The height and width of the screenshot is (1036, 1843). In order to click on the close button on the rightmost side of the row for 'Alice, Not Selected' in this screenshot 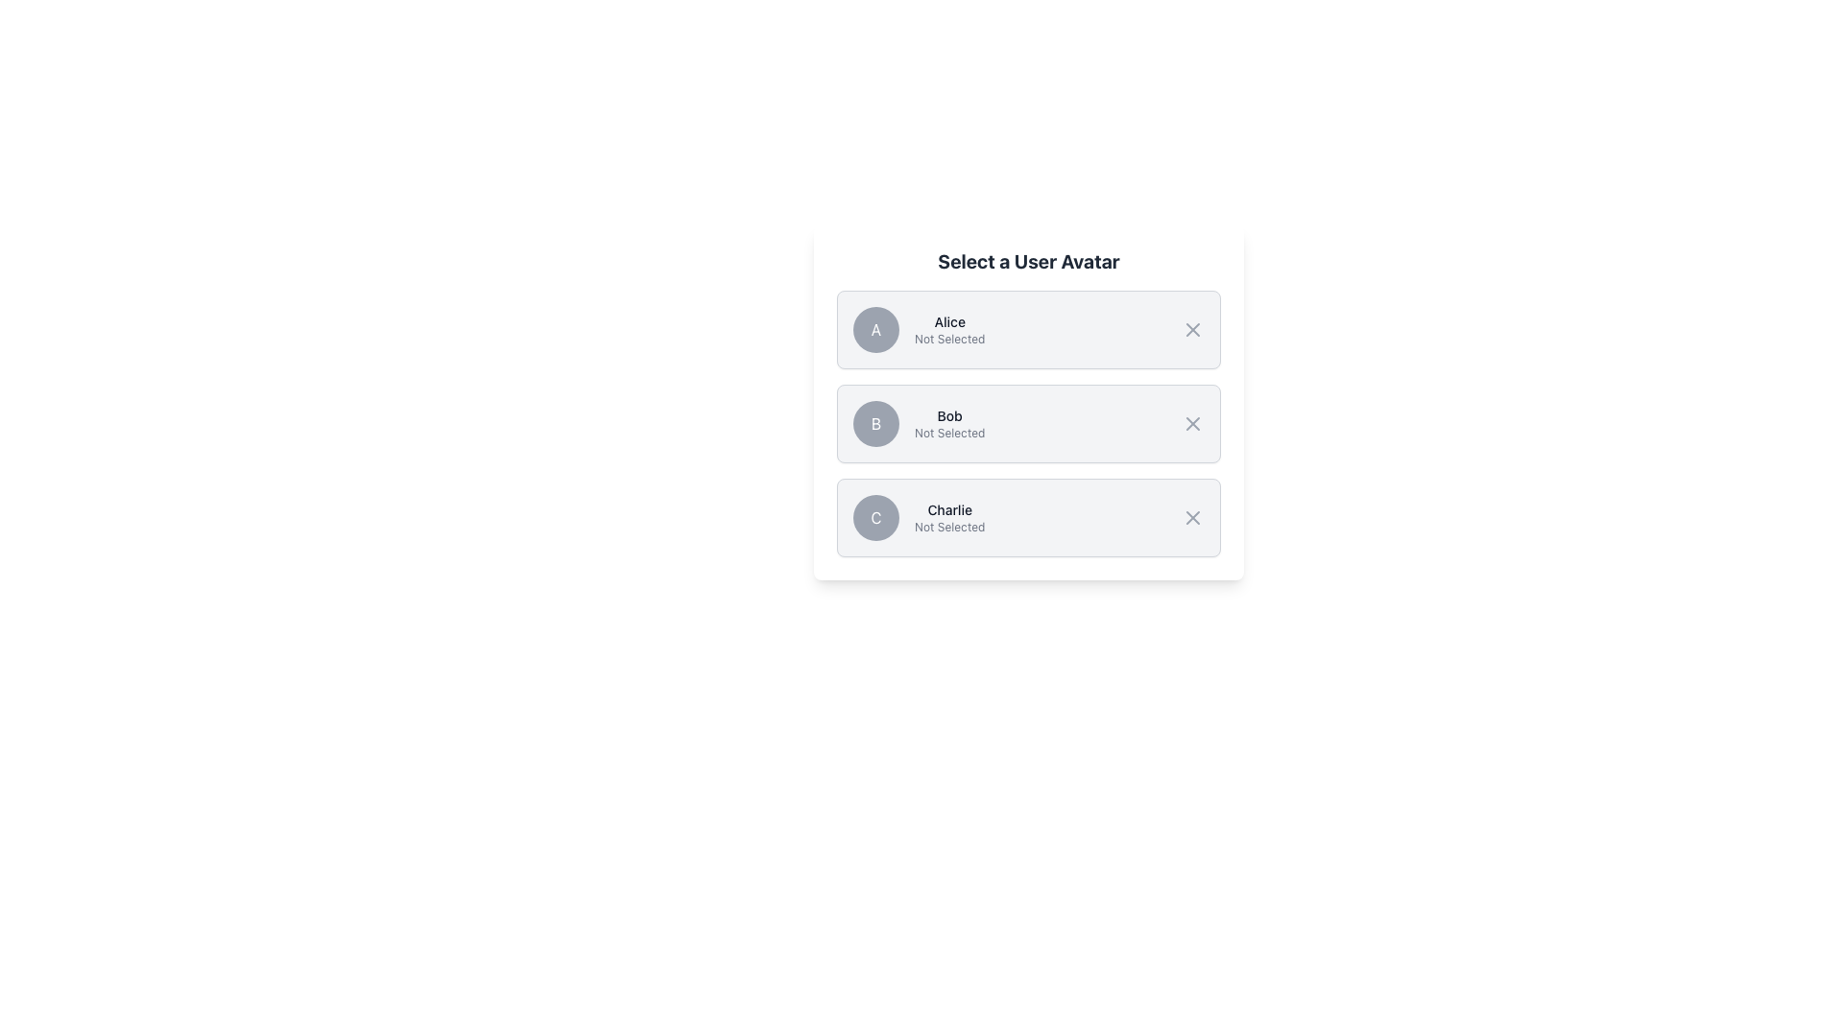, I will do `click(1192, 328)`.